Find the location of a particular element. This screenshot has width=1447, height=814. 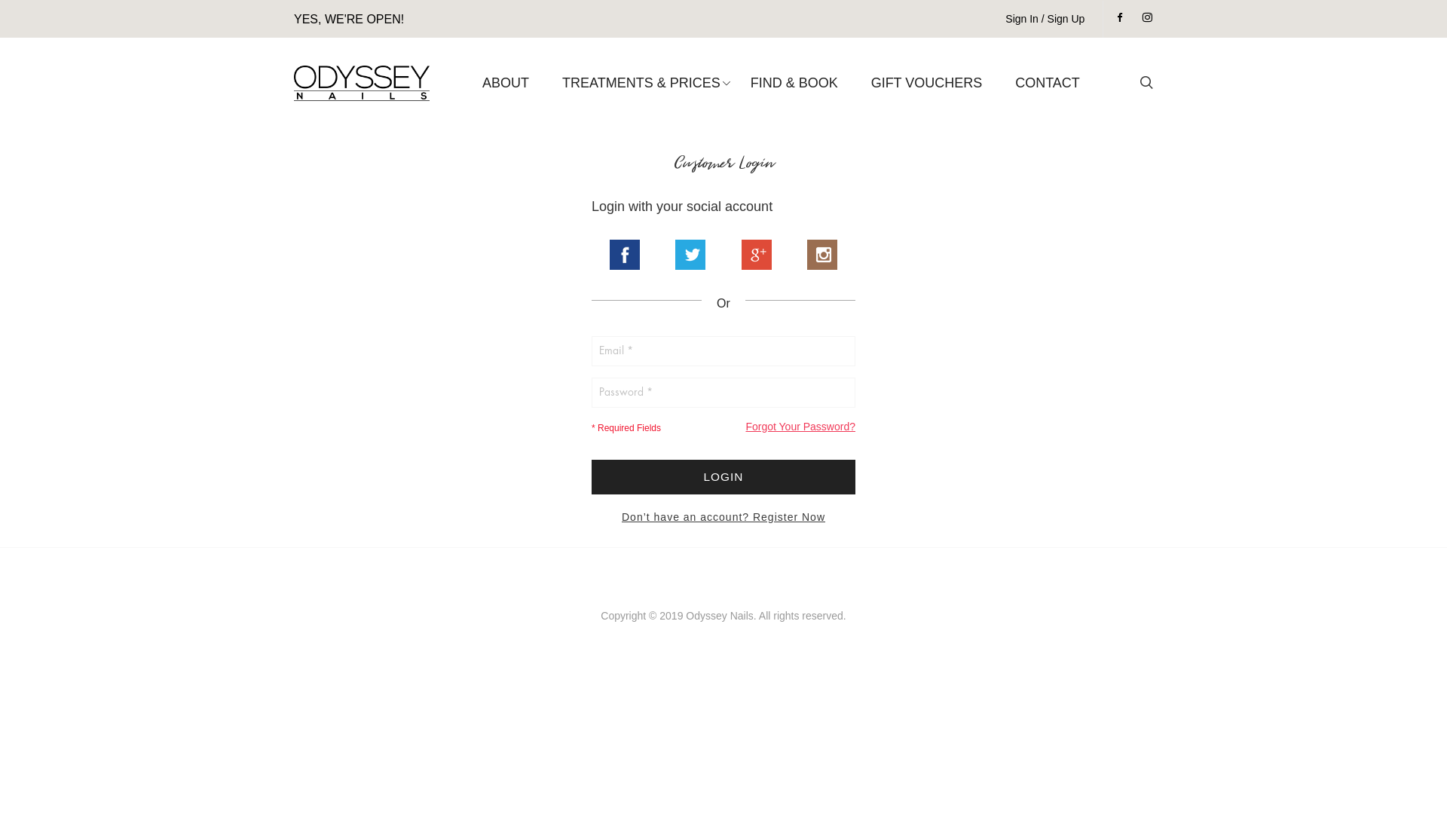

'Login with Twitter' is located at coordinates (690, 254).